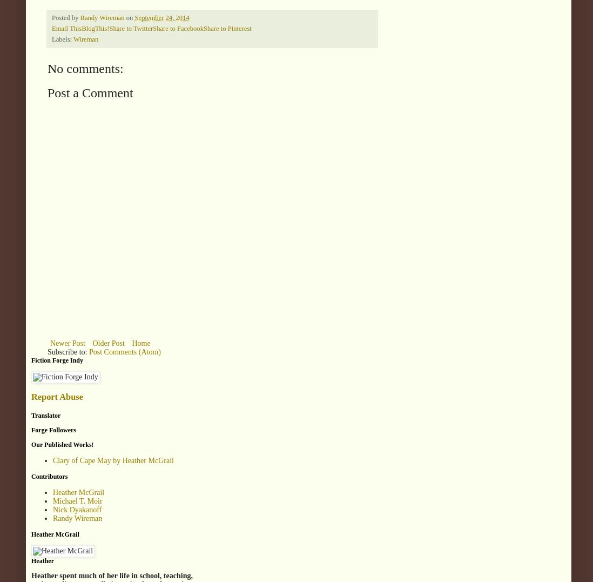  Describe the element at coordinates (67, 343) in the screenshot. I see `'Newer Post'` at that location.